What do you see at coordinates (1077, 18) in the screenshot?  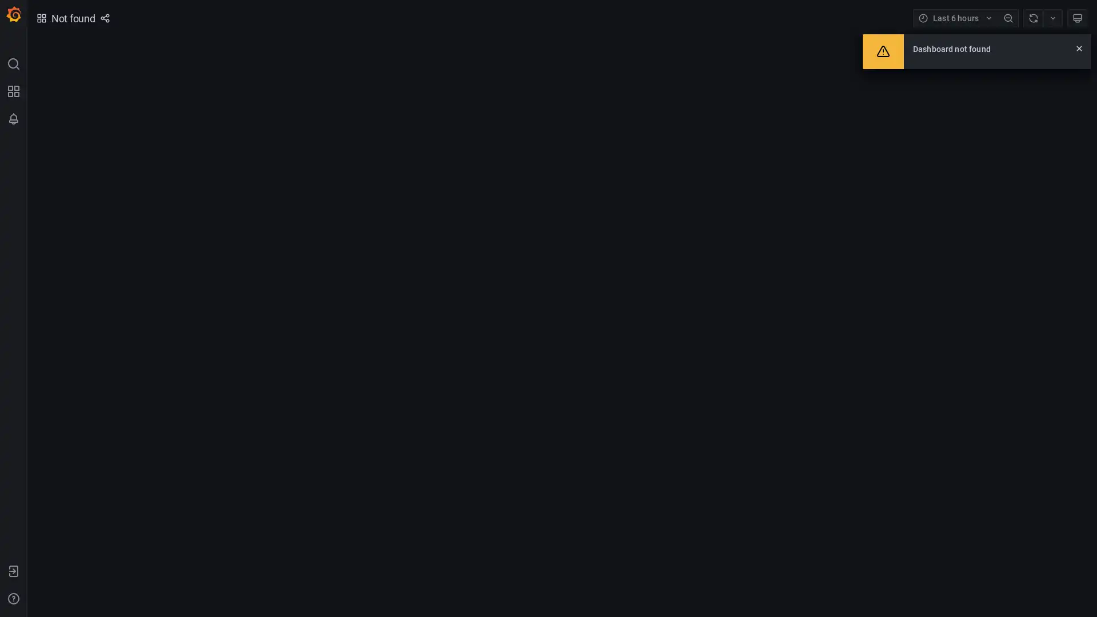 I see `Cycle view mode` at bounding box center [1077, 18].